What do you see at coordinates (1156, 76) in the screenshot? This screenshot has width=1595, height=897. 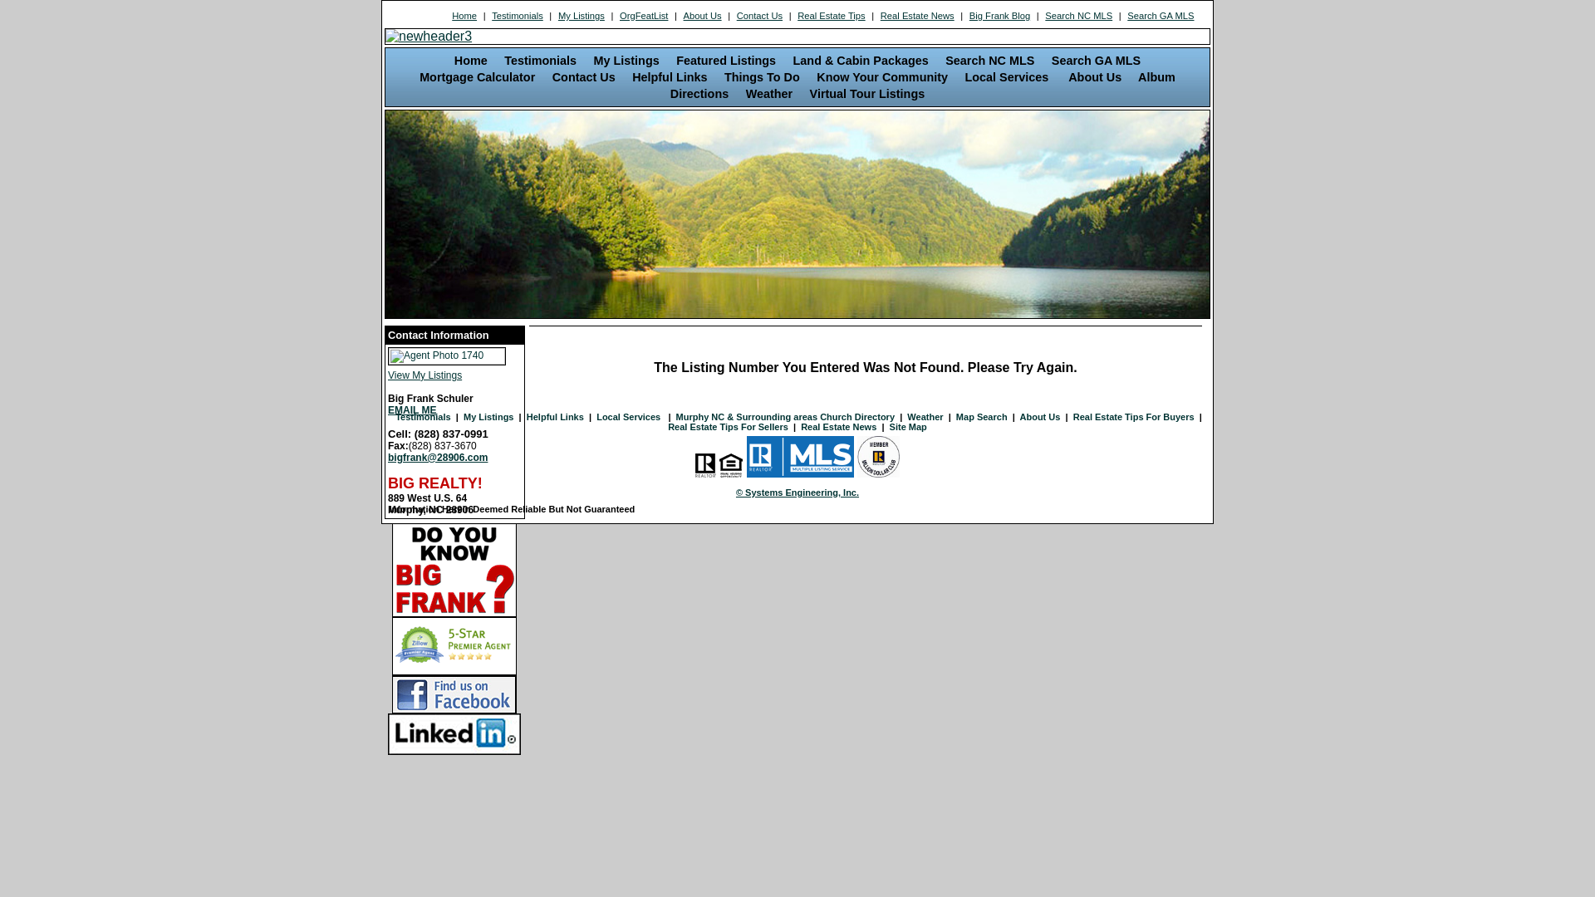 I see `'Album'` at bounding box center [1156, 76].